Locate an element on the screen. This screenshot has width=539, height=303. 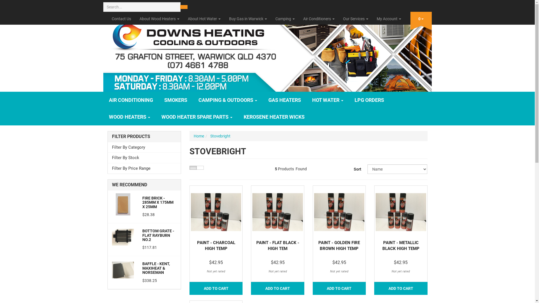
'AIR CONDITIONING' is located at coordinates (131, 100).